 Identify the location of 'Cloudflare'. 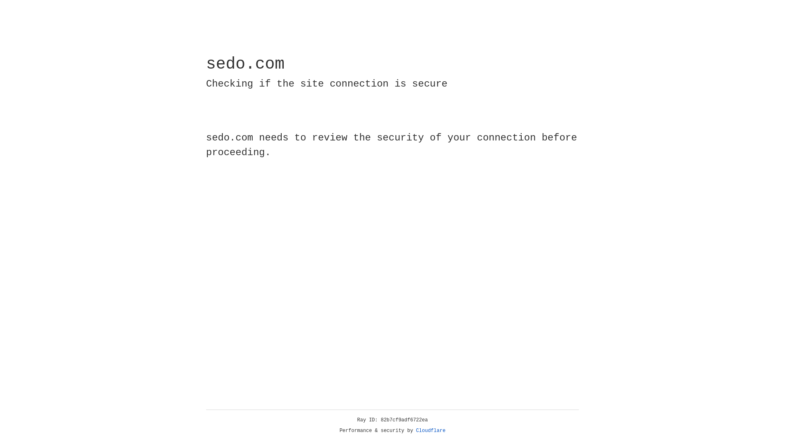
(431, 430).